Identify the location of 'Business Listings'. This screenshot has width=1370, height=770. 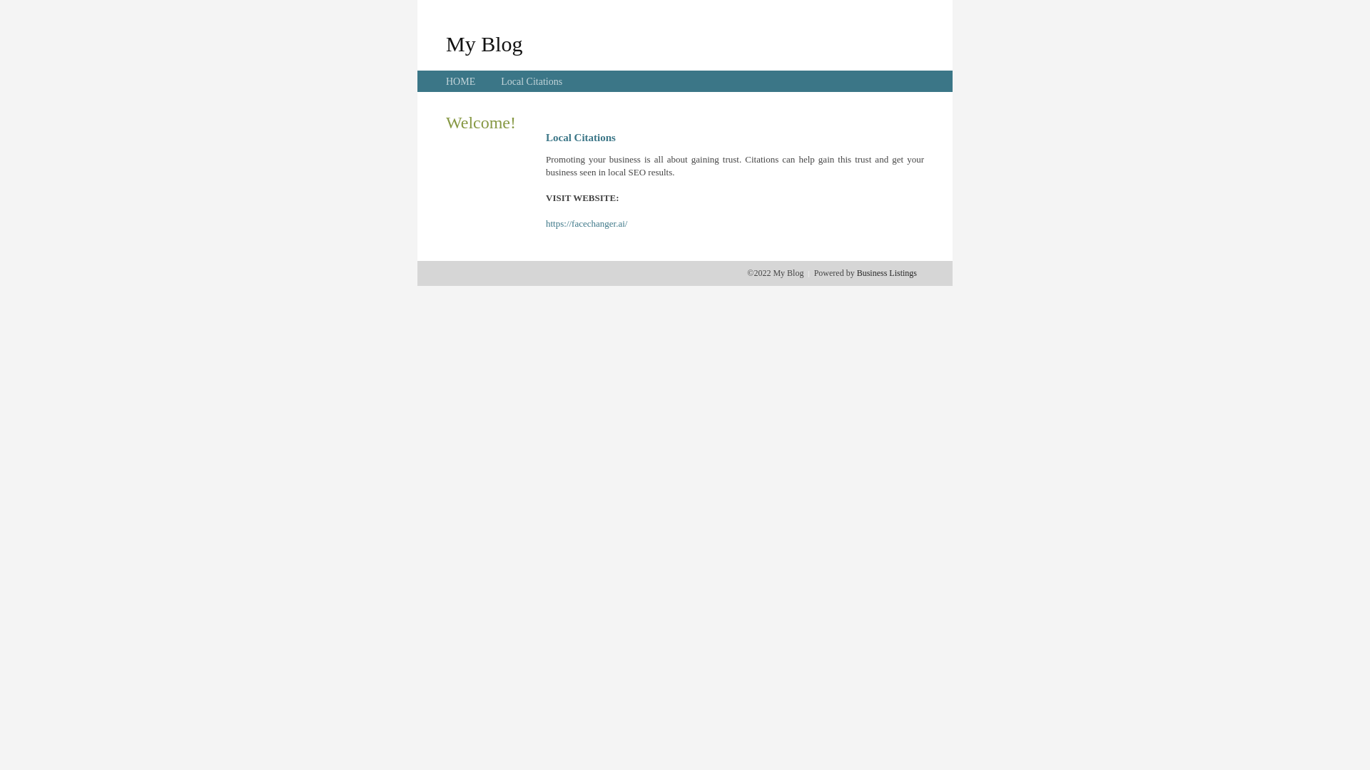
(886, 272).